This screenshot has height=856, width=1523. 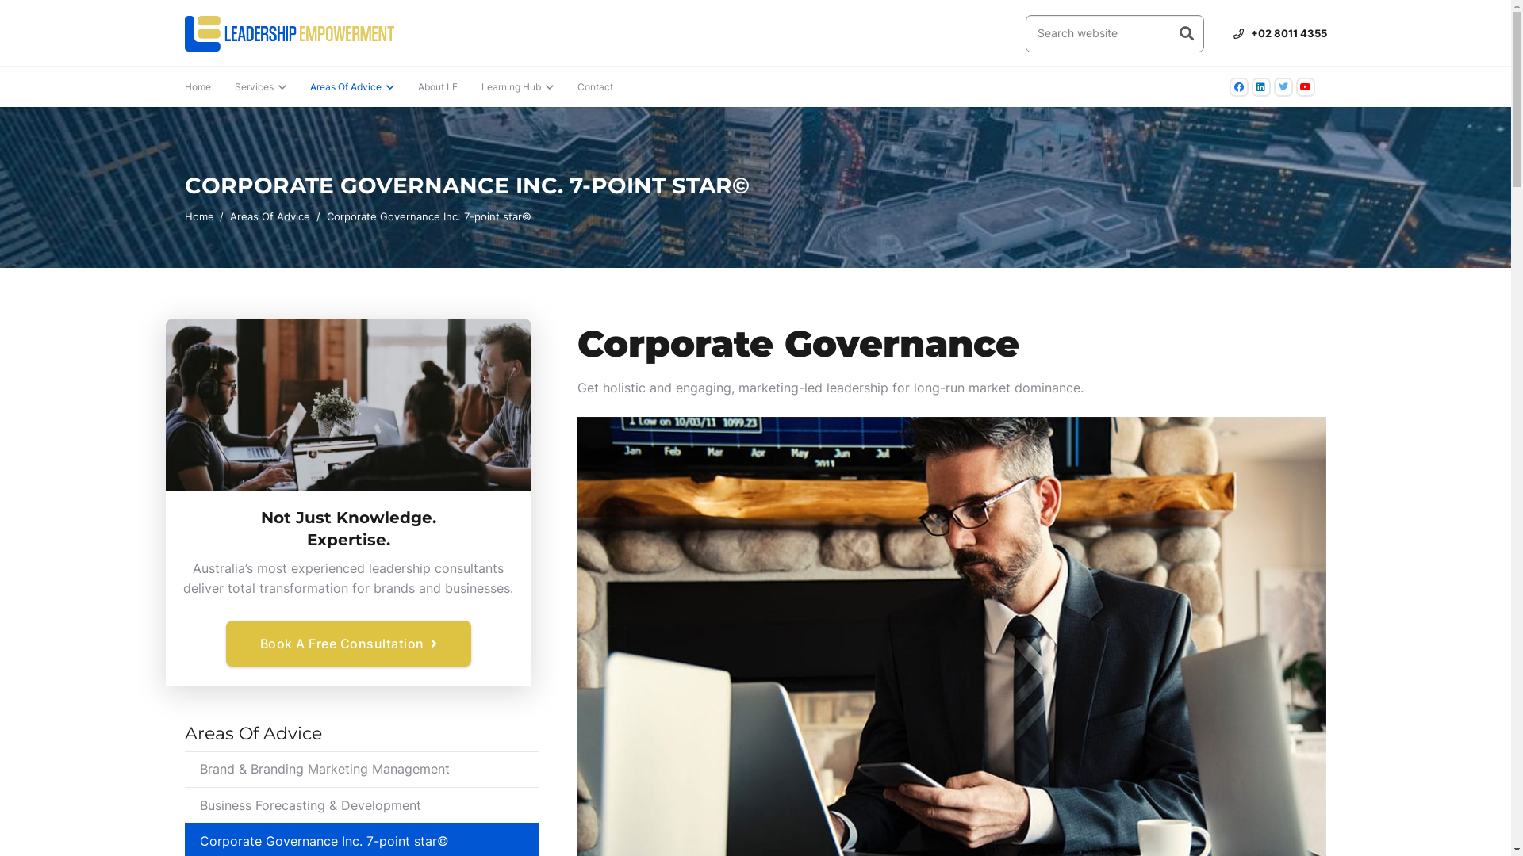 What do you see at coordinates (197, 87) in the screenshot?
I see `'Home'` at bounding box center [197, 87].